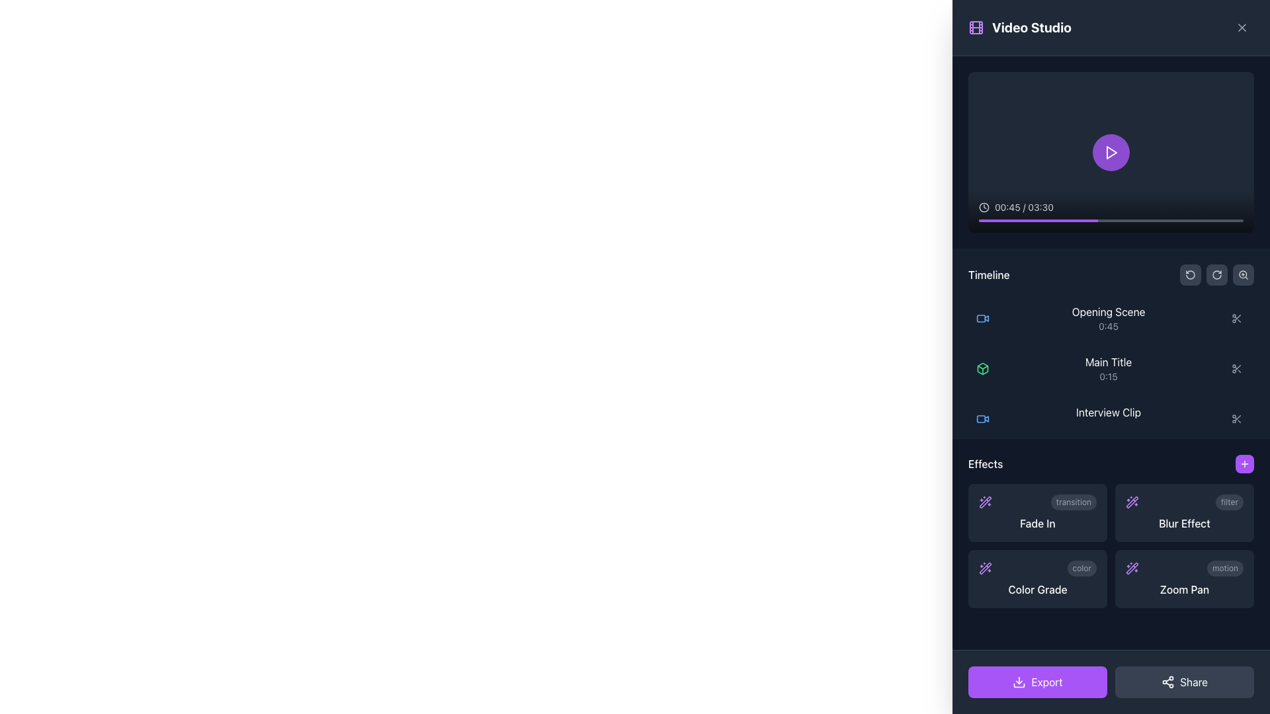 The image size is (1270, 714). What do you see at coordinates (983, 418) in the screenshot?
I see `the blue video camera icon representing a video clip associated with the text 'Interview Clip' in the timeline entry list` at bounding box center [983, 418].